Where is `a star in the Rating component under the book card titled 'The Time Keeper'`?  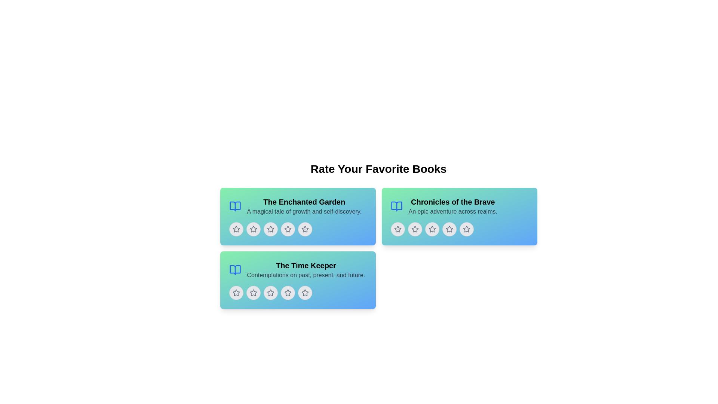
a star in the Rating component under the book card titled 'The Time Keeper' is located at coordinates (297, 293).